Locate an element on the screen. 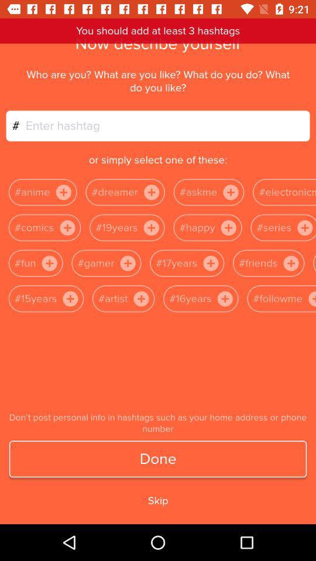 The image size is (316, 561). the text icon which is fourth row of second text is located at coordinates (141, 298).